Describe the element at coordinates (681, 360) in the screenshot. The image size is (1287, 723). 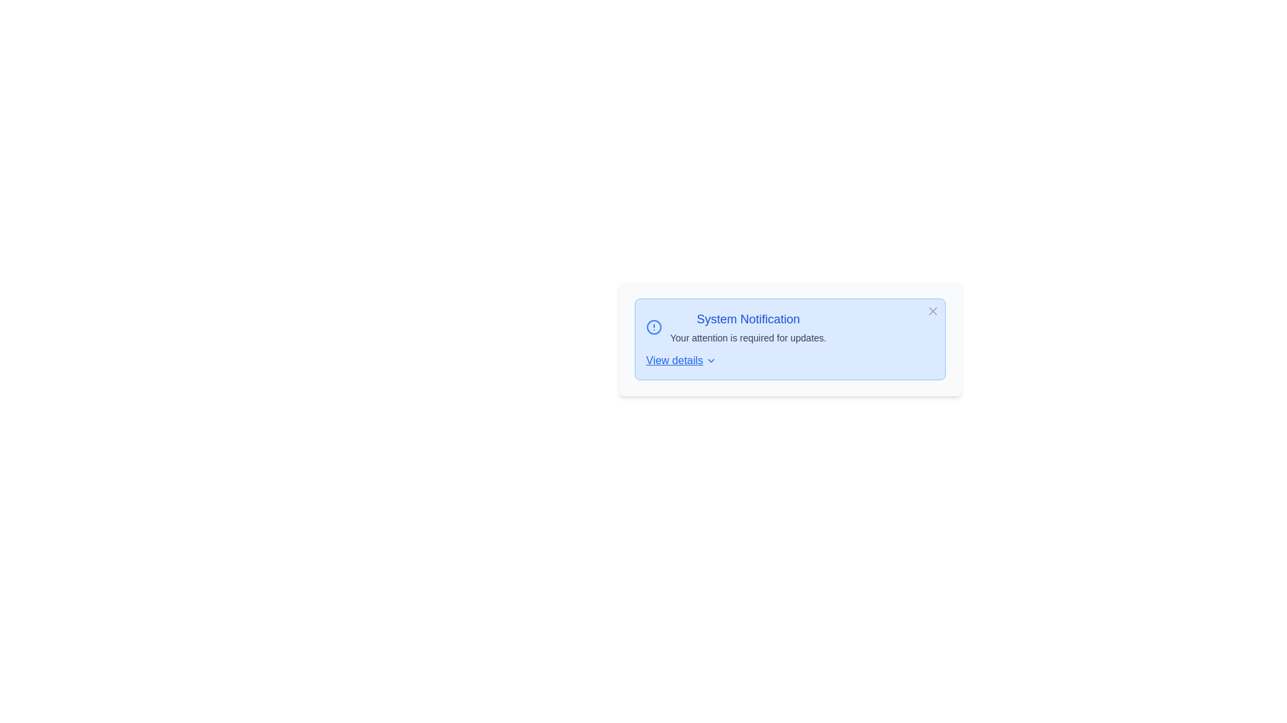
I see `the 'View details' interactive link with a blue underline and chevron icon` at that location.